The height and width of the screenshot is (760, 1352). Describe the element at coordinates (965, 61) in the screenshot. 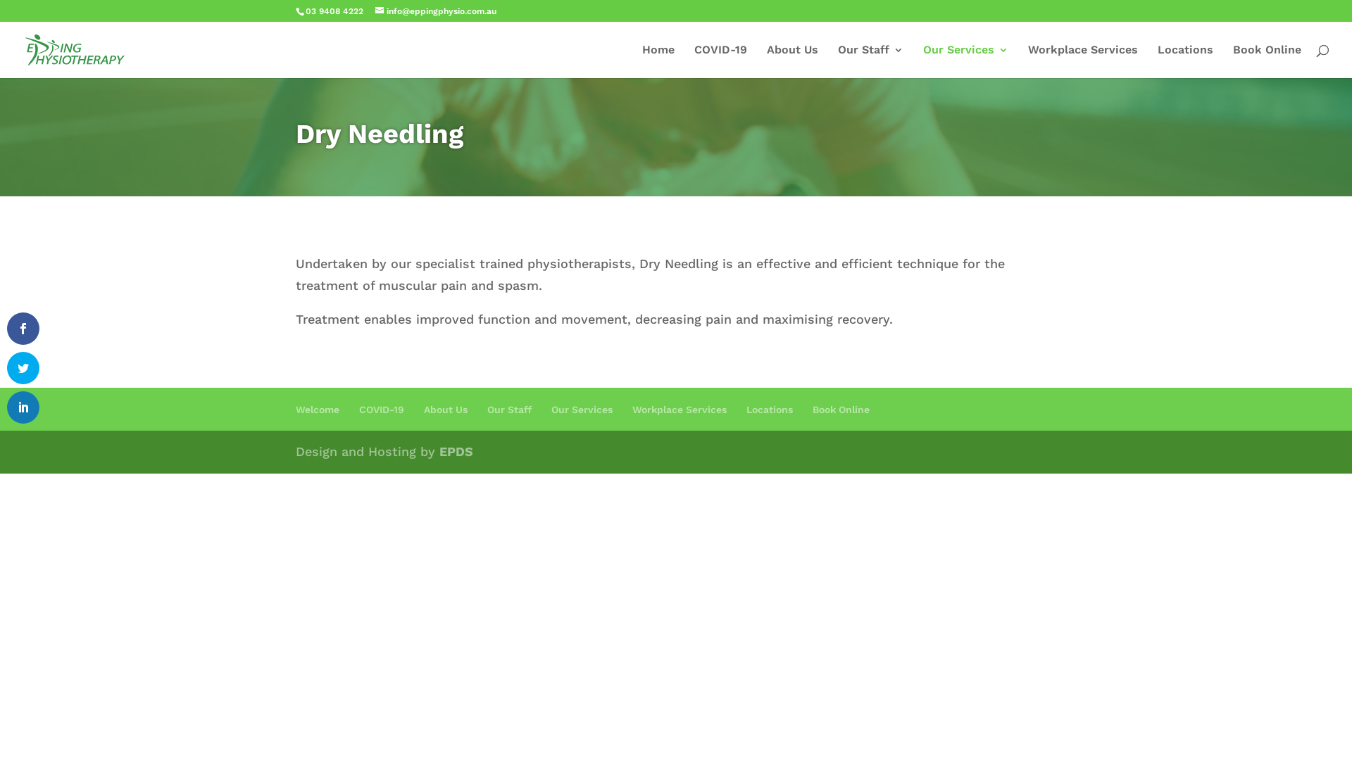

I see `'Our Services'` at that location.